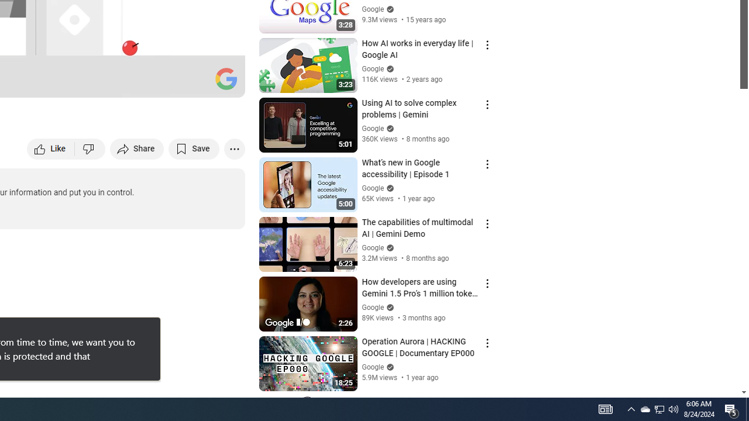 The image size is (749, 421). I want to click on 'Like', so click(50, 148).